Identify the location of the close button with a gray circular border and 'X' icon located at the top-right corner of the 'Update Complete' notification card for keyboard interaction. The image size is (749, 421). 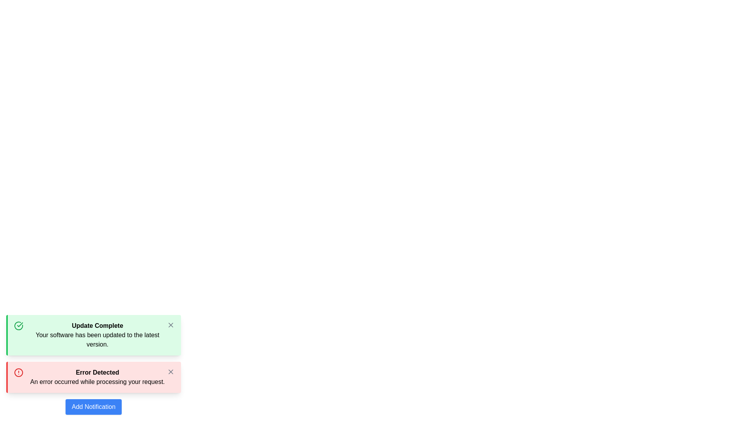
(170, 325).